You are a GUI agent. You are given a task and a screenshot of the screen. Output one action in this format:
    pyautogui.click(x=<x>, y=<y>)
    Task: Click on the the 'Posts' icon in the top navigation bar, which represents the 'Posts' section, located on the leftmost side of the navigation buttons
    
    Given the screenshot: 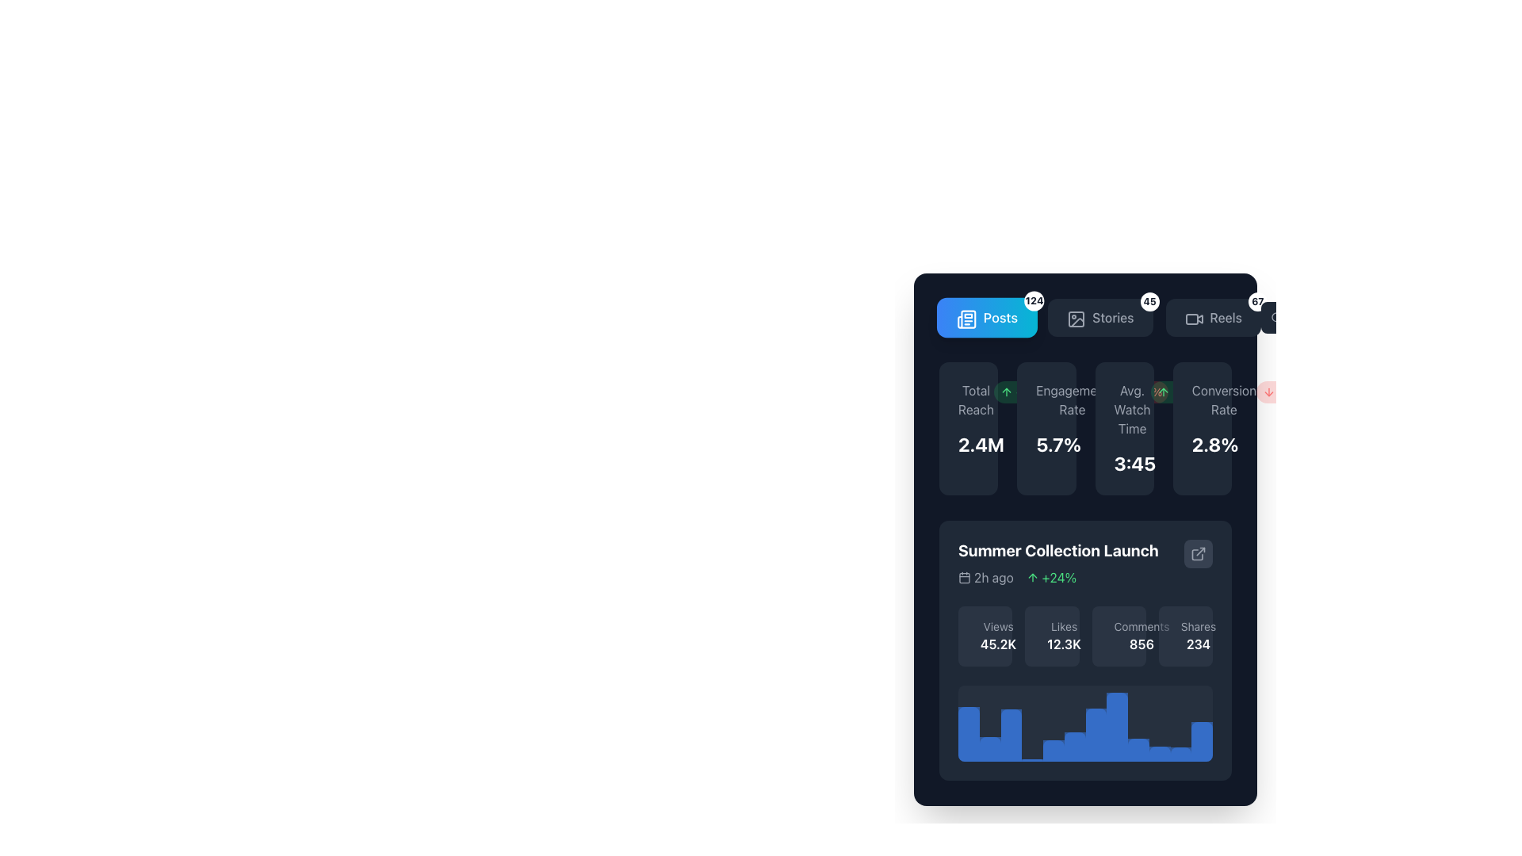 What is the action you would take?
    pyautogui.click(x=966, y=319)
    